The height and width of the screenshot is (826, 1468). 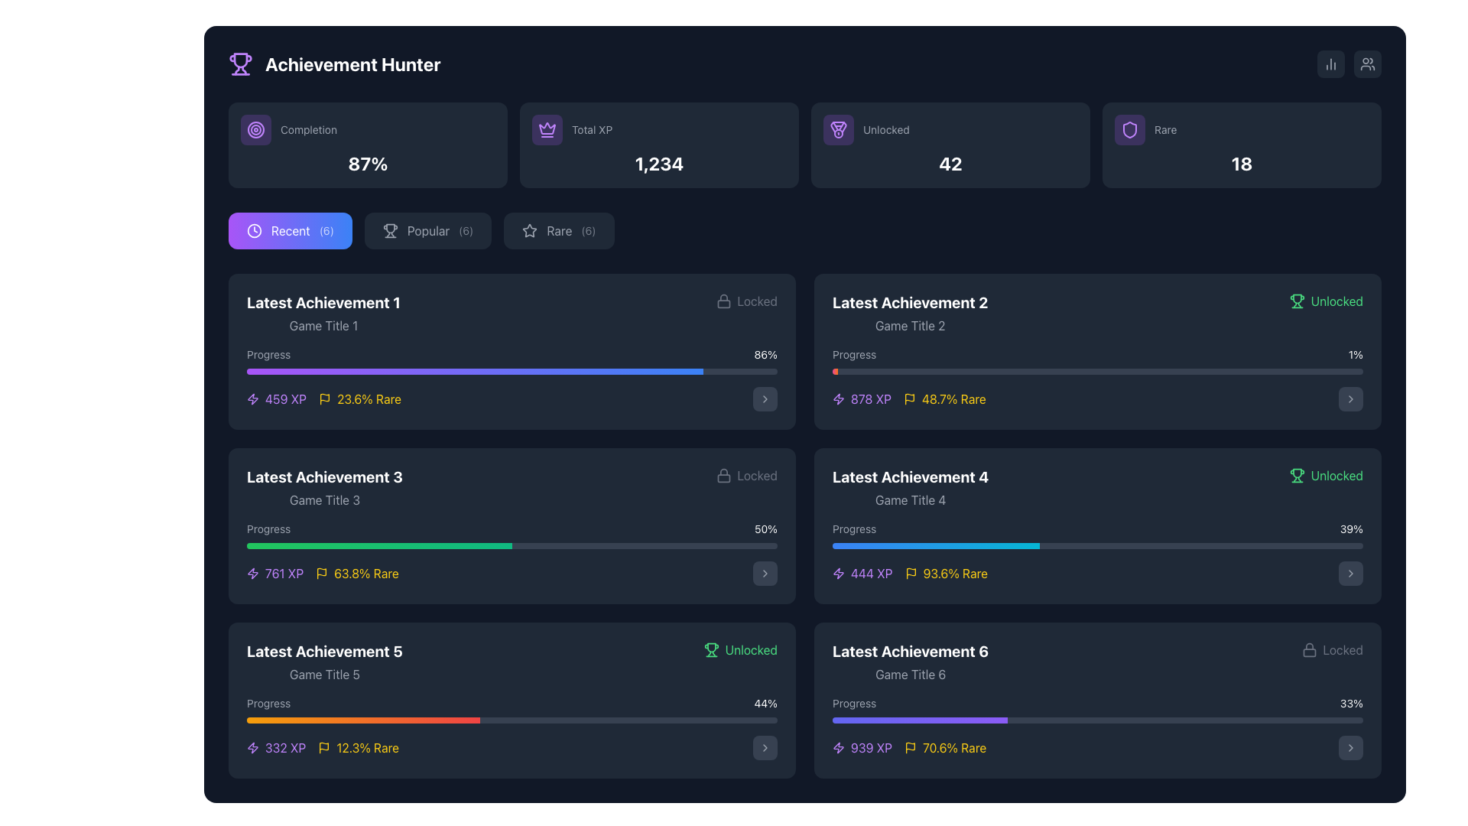 I want to click on the active trophy icon that indicates an unlocked achievement, positioned beside the text 'Unlocked', so click(x=1296, y=301).